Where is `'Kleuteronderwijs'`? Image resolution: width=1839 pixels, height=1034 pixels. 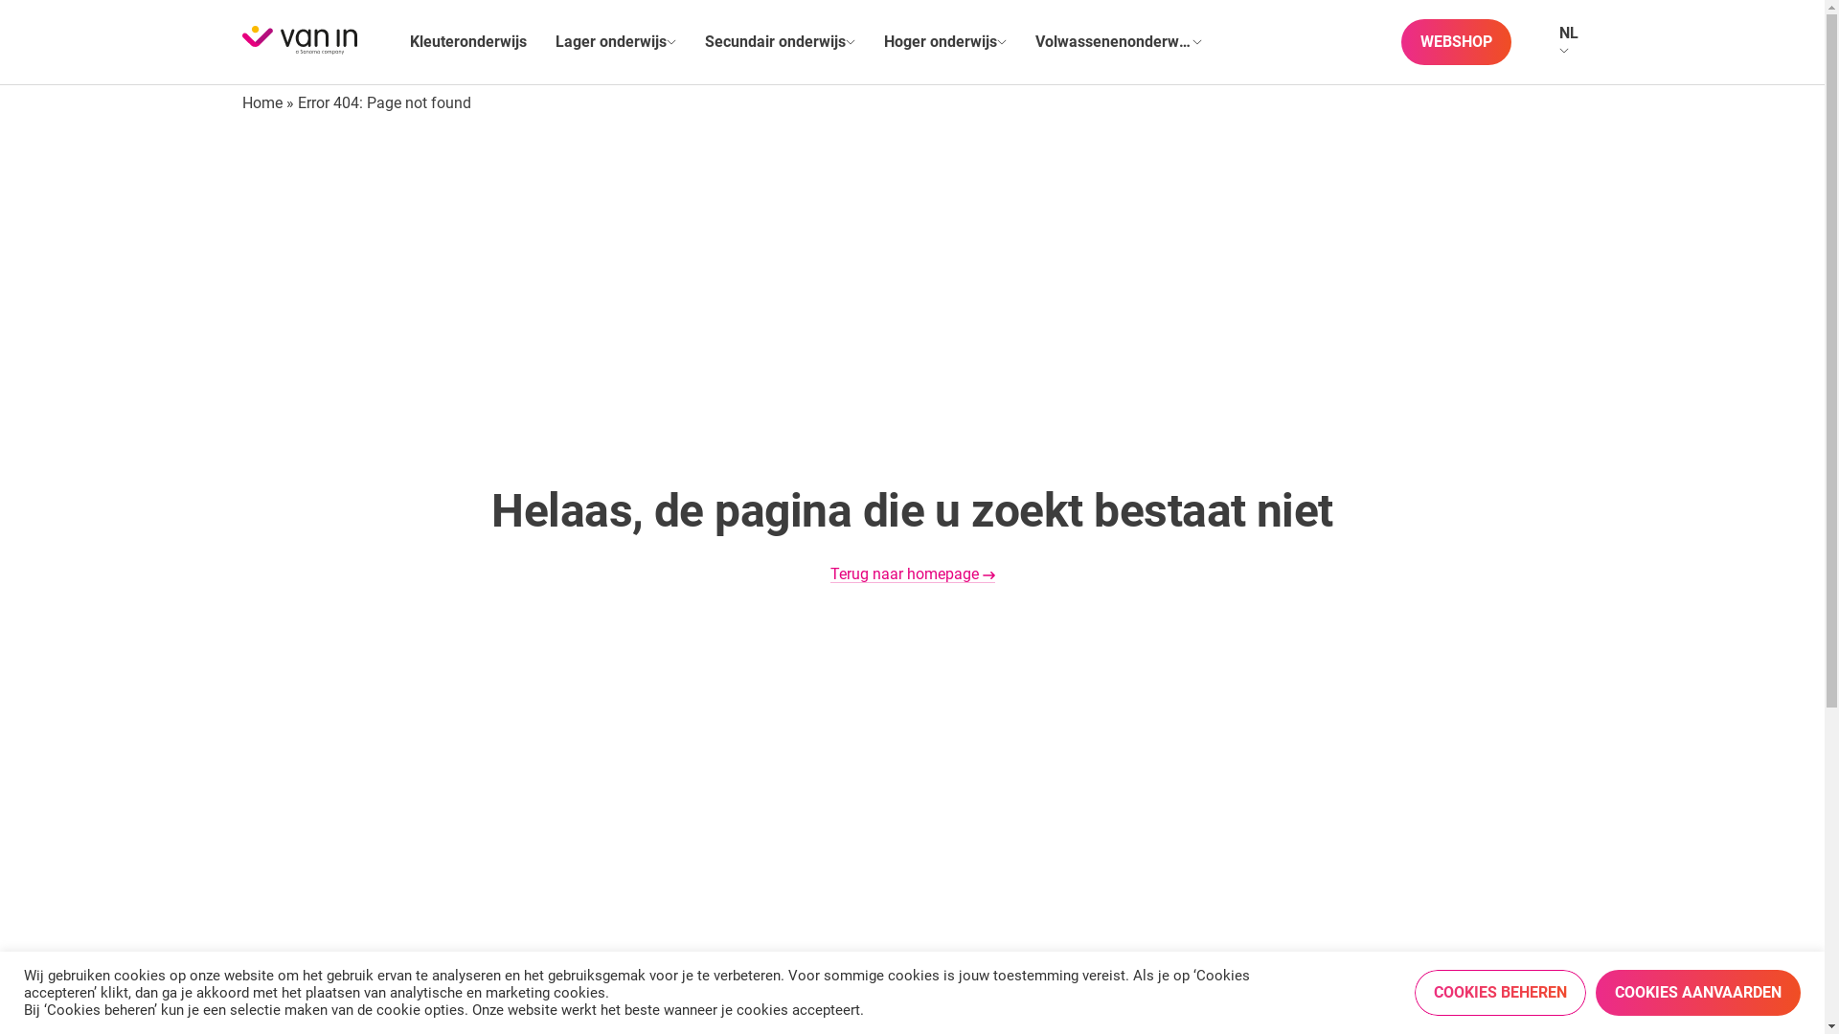 'Kleuteronderwijs' is located at coordinates (468, 41).